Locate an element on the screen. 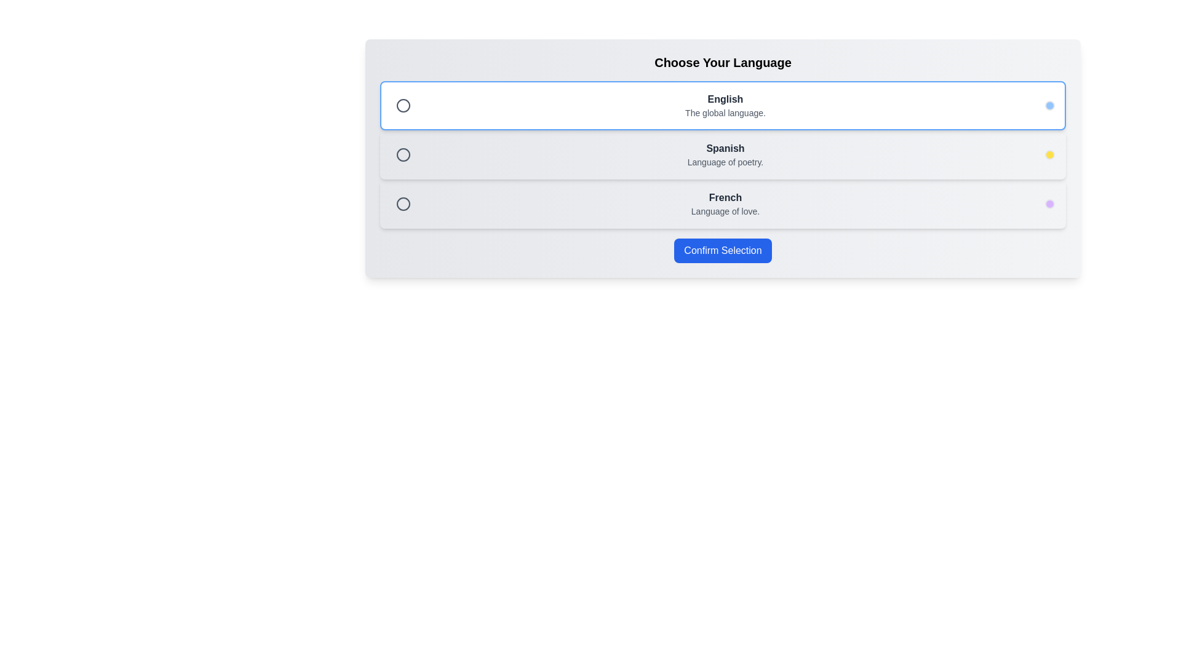 The image size is (1181, 664). the text label indicating the language selection option for 'Spanish', which is positioned above the 'Language of poetry.' description is located at coordinates (725, 148).